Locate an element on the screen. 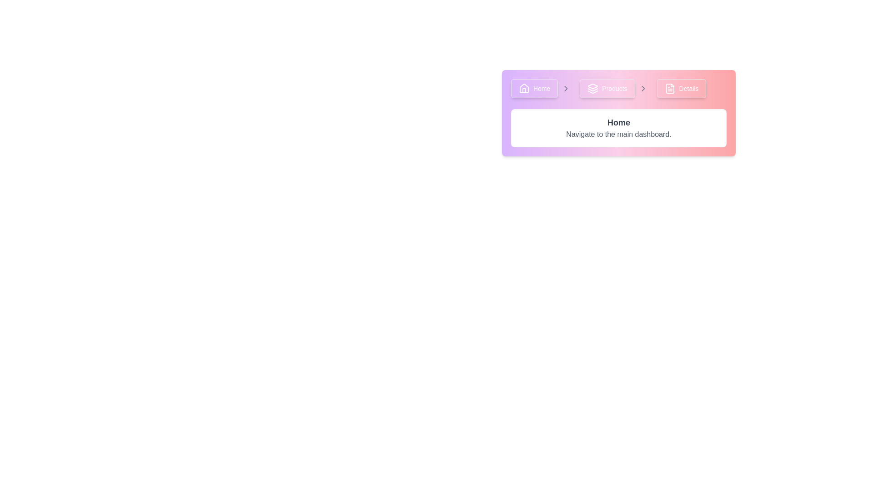 The image size is (873, 491). the navigation separator icon located between the 'Products' button and the next element in the navigation bar, which visually separates navigation links is located at coordinates (566, 89).